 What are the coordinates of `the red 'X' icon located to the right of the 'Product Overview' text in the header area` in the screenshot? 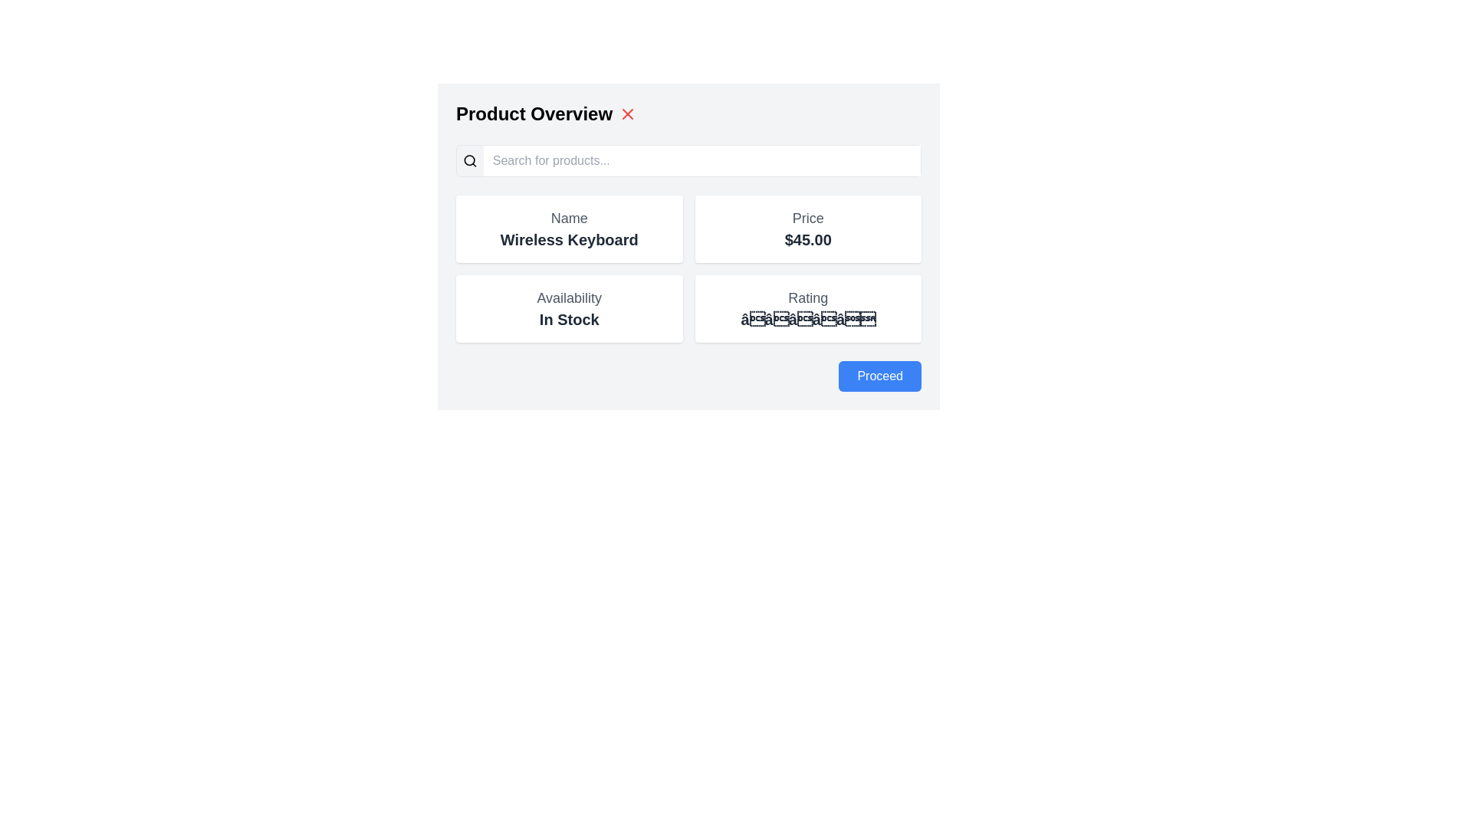 It's located at (628, 113).